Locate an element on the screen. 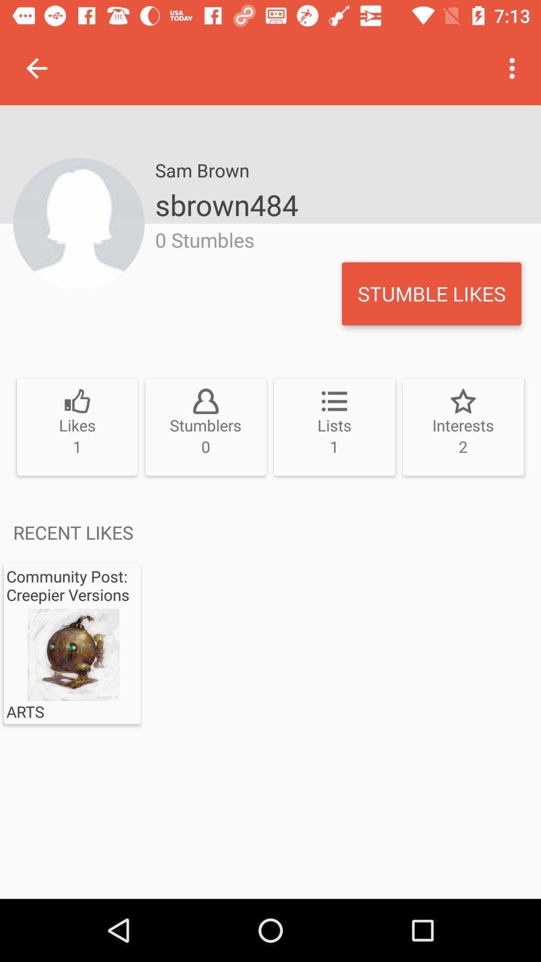  the icon to the right of 0 stumbles is located at coordinates (431, 293).